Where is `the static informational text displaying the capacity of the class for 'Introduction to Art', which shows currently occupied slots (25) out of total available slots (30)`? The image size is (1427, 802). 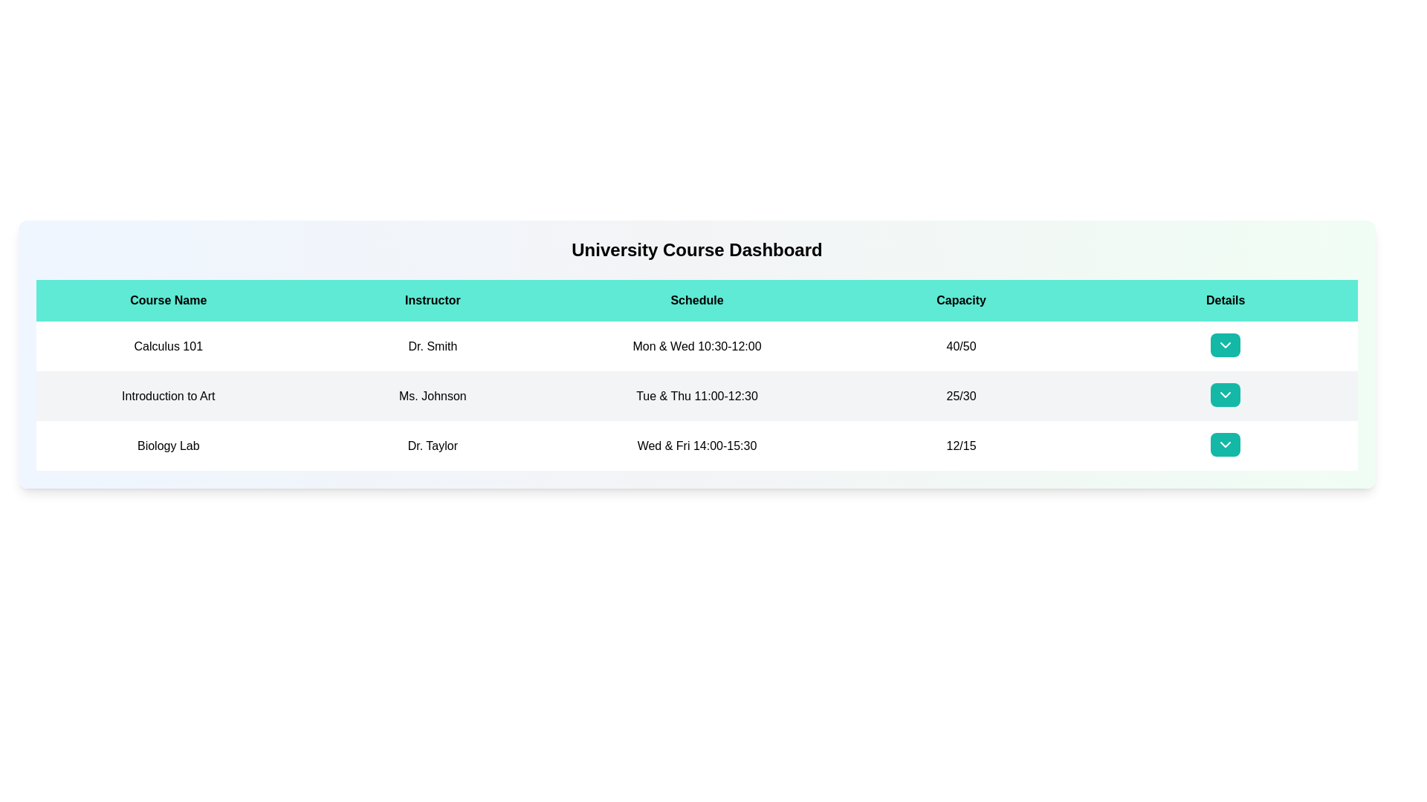
the static informational text displaying the capacity of the class for 'Introduction to Art', which shows currently occupied slots (25) out of total available slots (30) is located at coordinates (961, 395).